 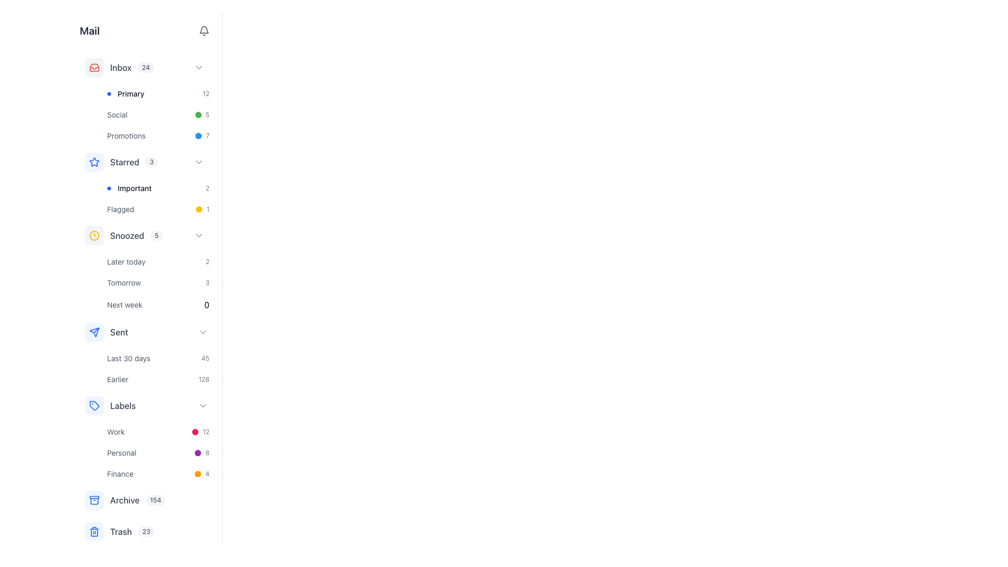 What do you see at coordinates (146, 99) in the screenshot?
I see `the 'Primary' email category` at bounding box center [146, 99].